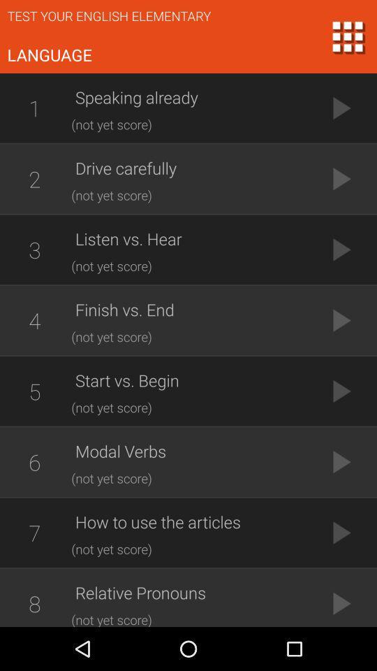 The width and height of the screenshot is (377, 671). Describe the element at coordinates (34, 107) in the screenshot. I see `icon next to  speaking already app` at that location.